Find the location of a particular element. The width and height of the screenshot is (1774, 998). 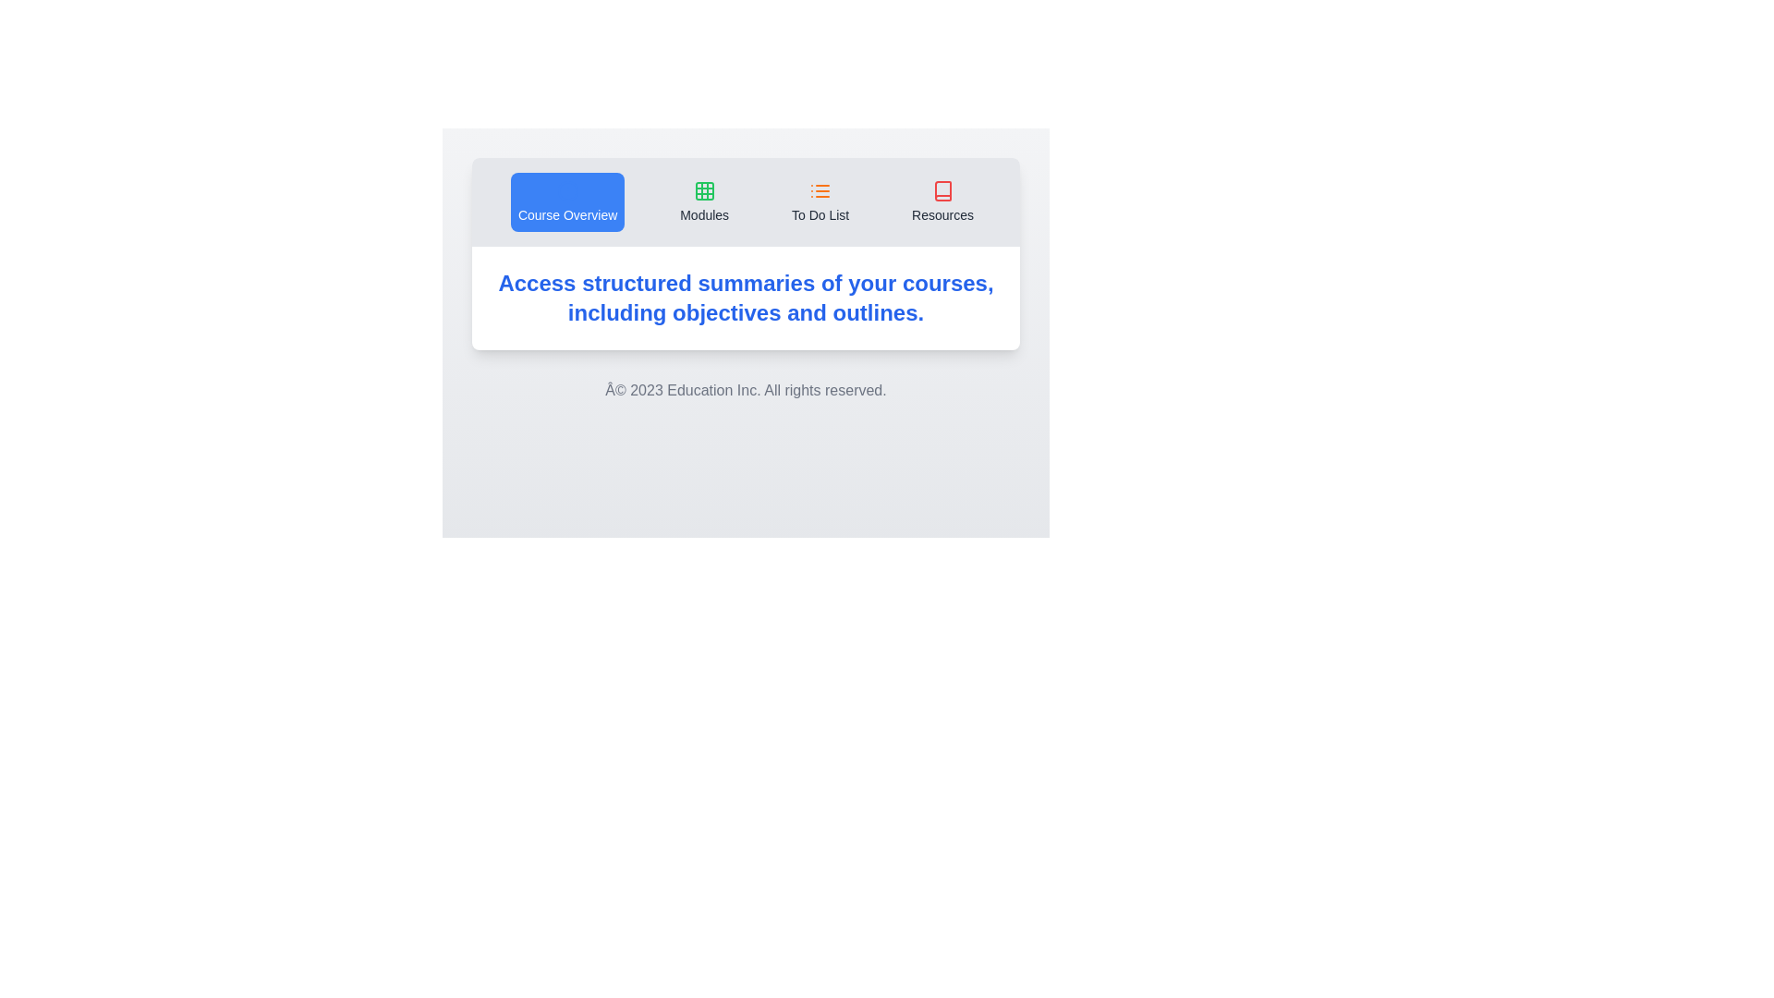

the tab labeled Resources is located at coordinates (942, 202).